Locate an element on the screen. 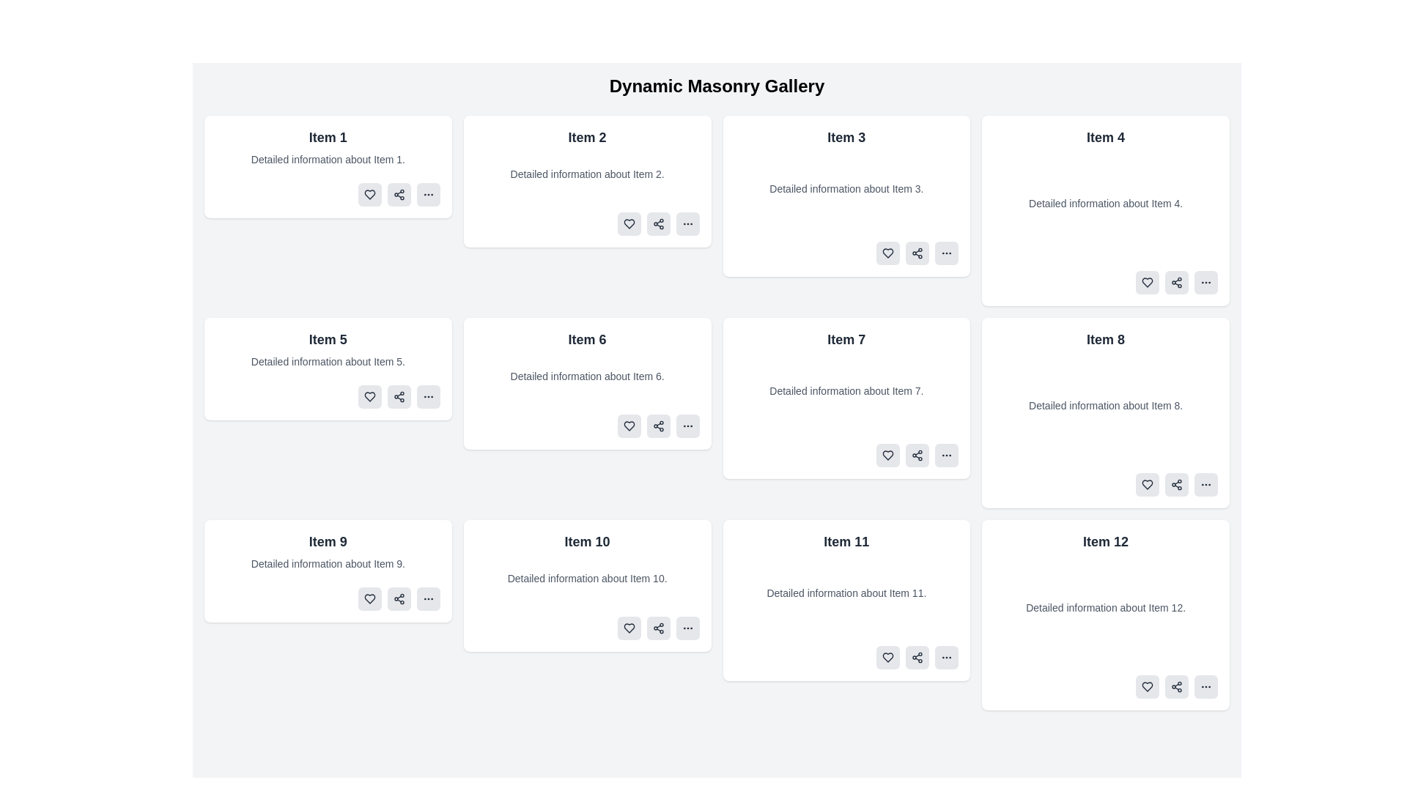 The height and width of the screenshot is (791, 1407). the heart icon within the button of 'Item 8' is located at coordinates (1146, 485).